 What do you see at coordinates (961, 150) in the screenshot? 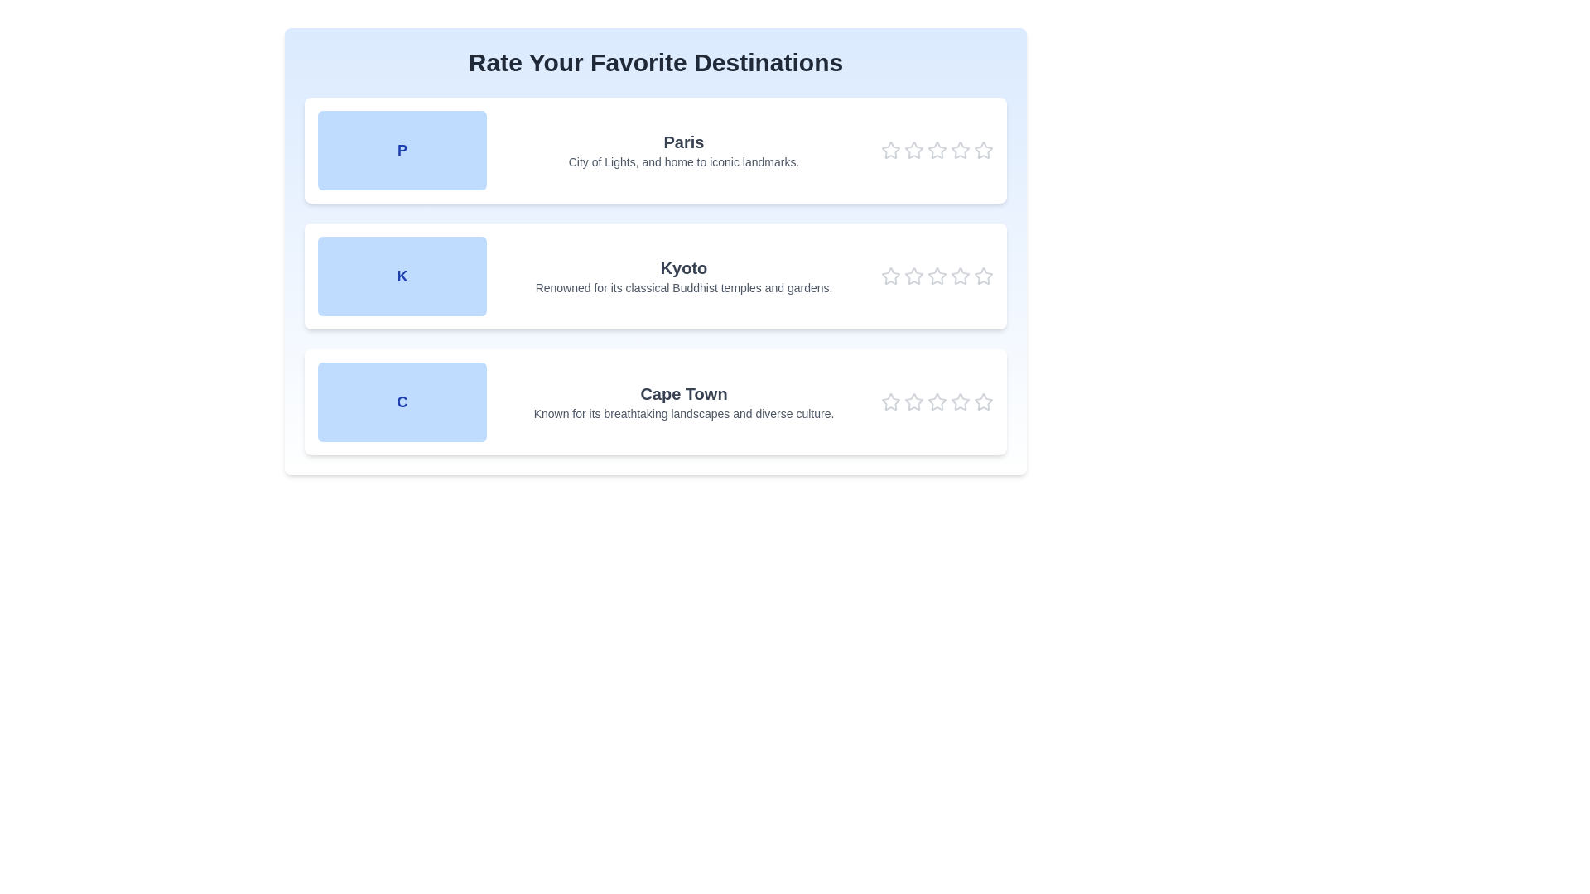
I see `the fourth star in the star rating component for the 'Paris' destination` at bounding box center [961, 150].